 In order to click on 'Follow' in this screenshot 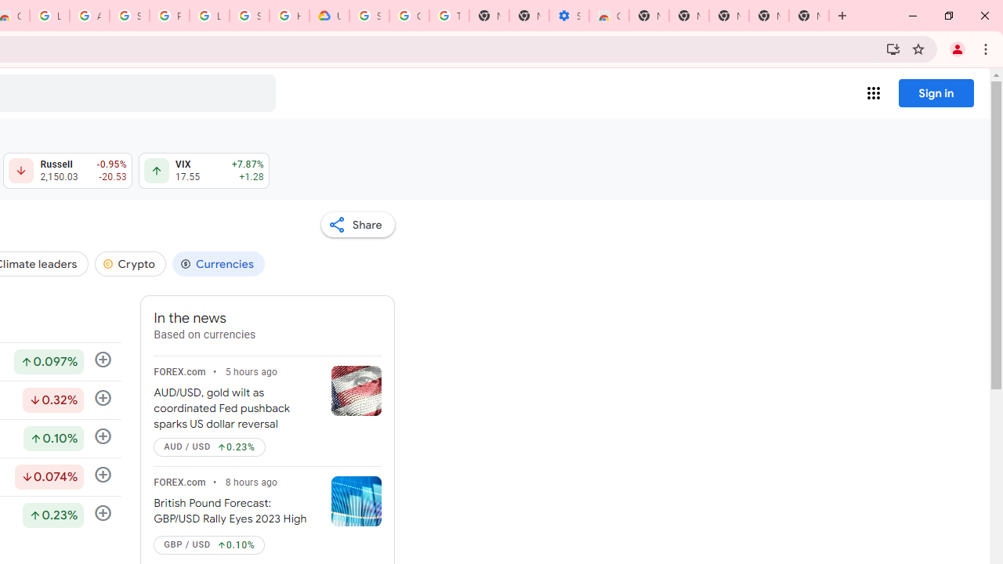, I will do `click(102, 513)`.